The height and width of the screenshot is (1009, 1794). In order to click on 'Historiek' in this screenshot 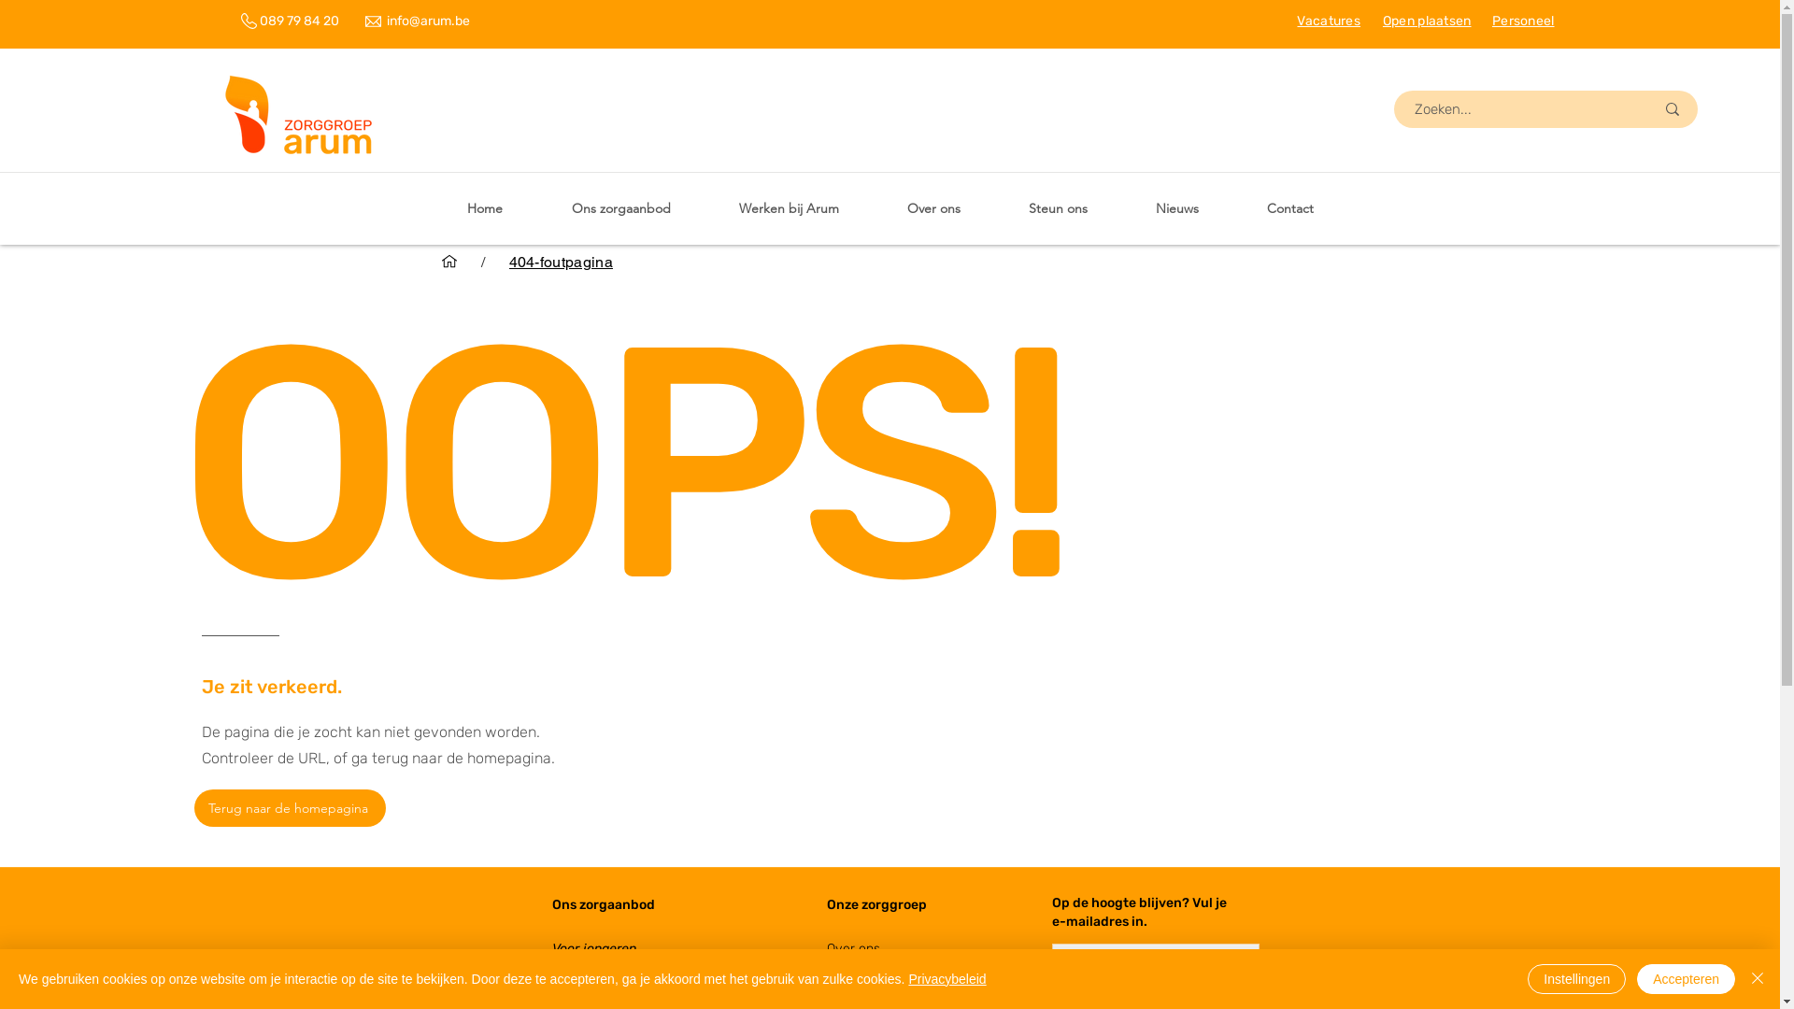, I will do `click(851, 991)`.